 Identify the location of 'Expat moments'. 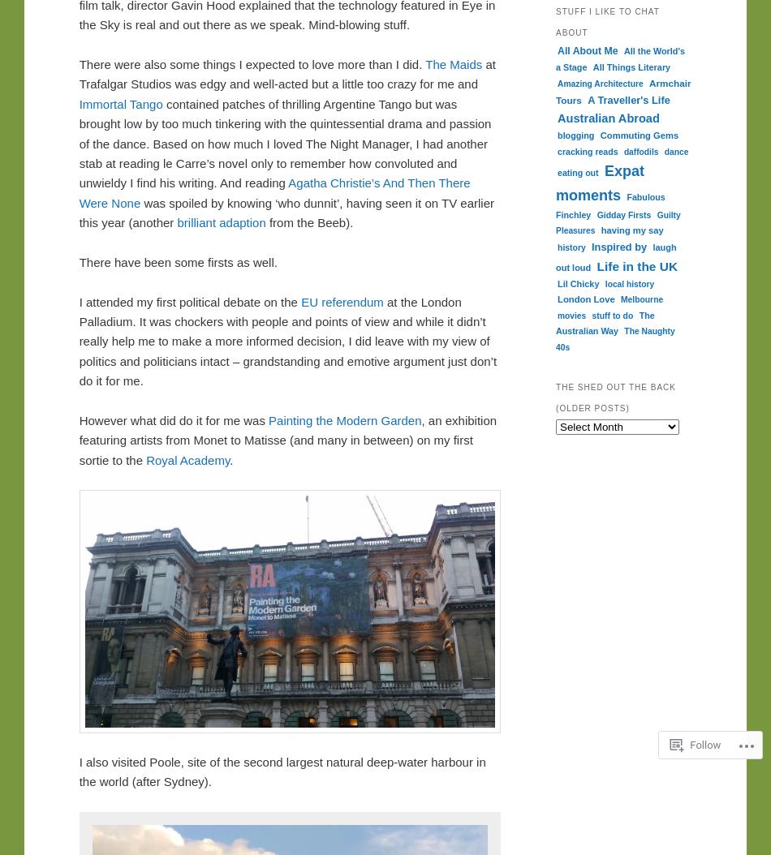
(599, 183).